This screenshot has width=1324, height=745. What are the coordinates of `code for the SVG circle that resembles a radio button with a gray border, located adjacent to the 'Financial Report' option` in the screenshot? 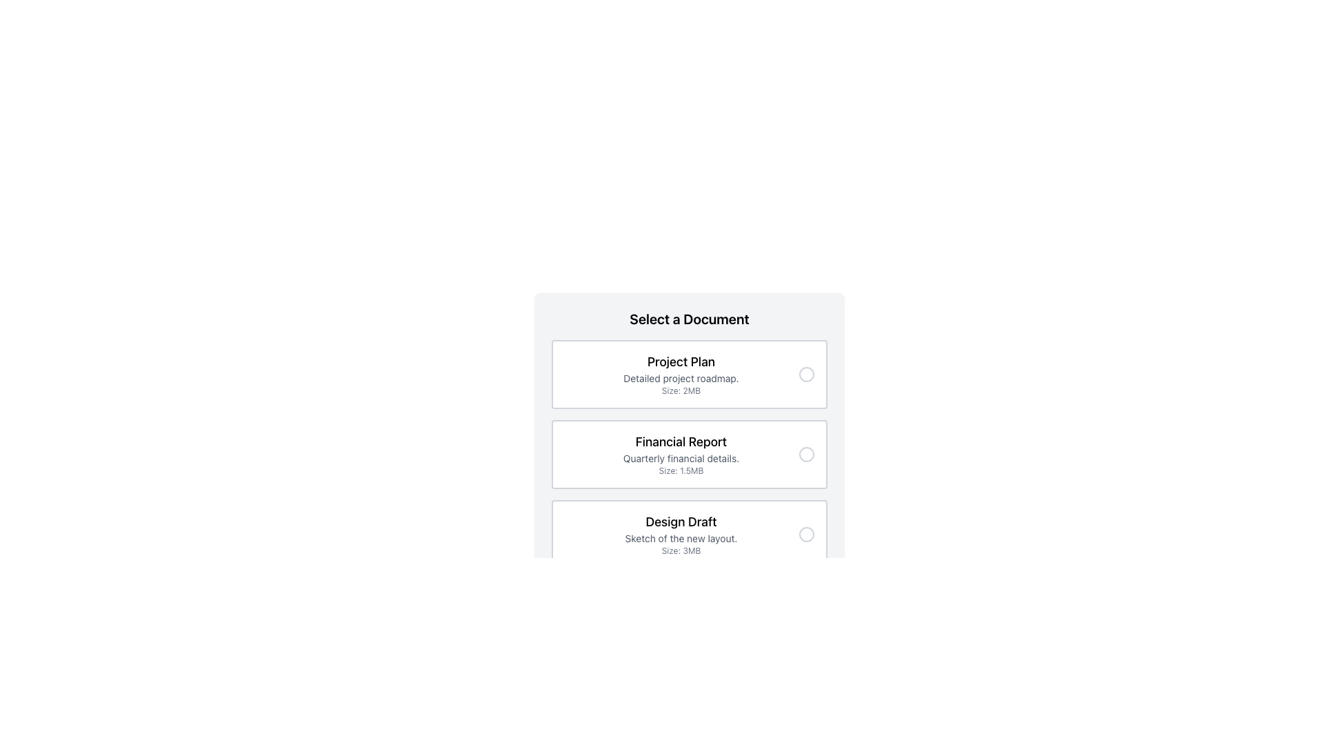 It's located at (807, 455).